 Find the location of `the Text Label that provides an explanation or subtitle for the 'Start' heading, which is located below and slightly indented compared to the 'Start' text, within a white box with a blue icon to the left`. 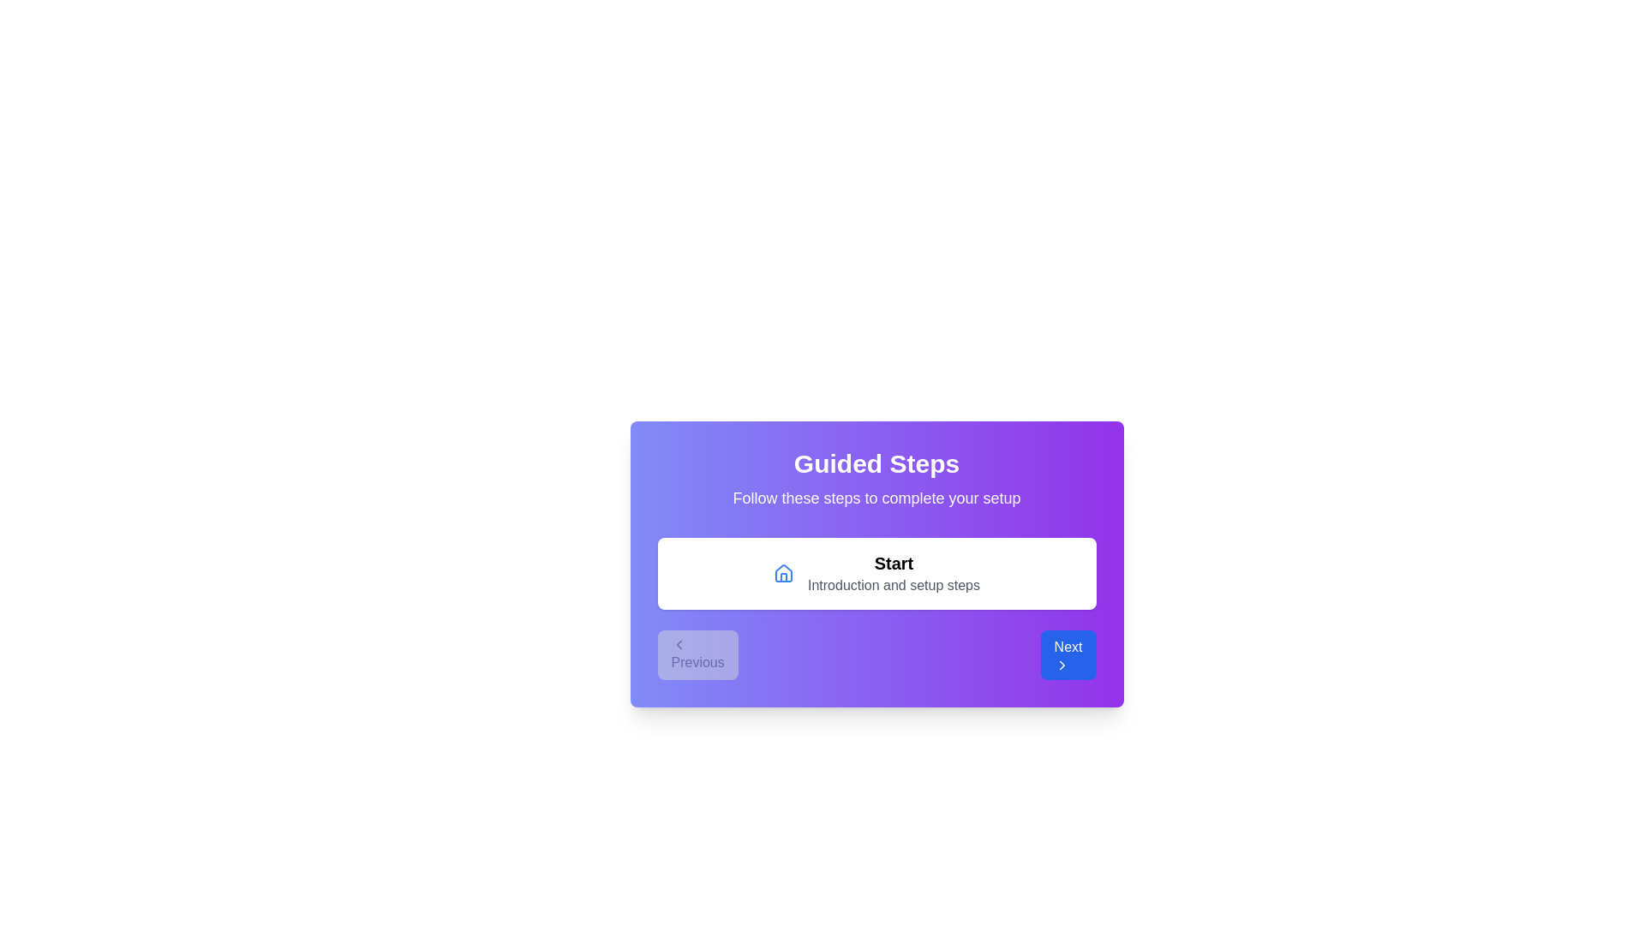

the Text Label that provides an explanation or subtitle for the 'Start' heading, which is located below and slightly indented compared to the 'Start' text, within a white box with a blue icon to the left is located at coordinates (893, 584).